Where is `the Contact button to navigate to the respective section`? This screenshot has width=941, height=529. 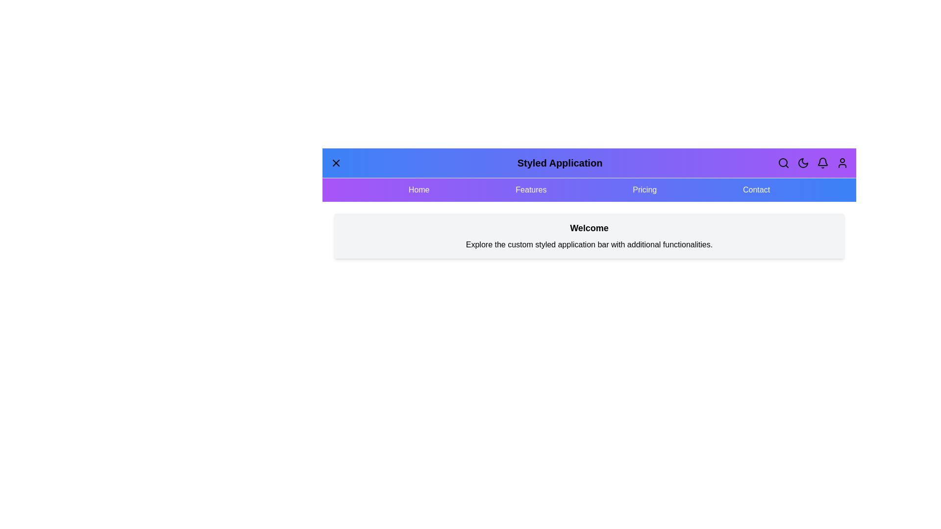
the Contact button to navigate to the respective section is located at coordinates (755, 190).